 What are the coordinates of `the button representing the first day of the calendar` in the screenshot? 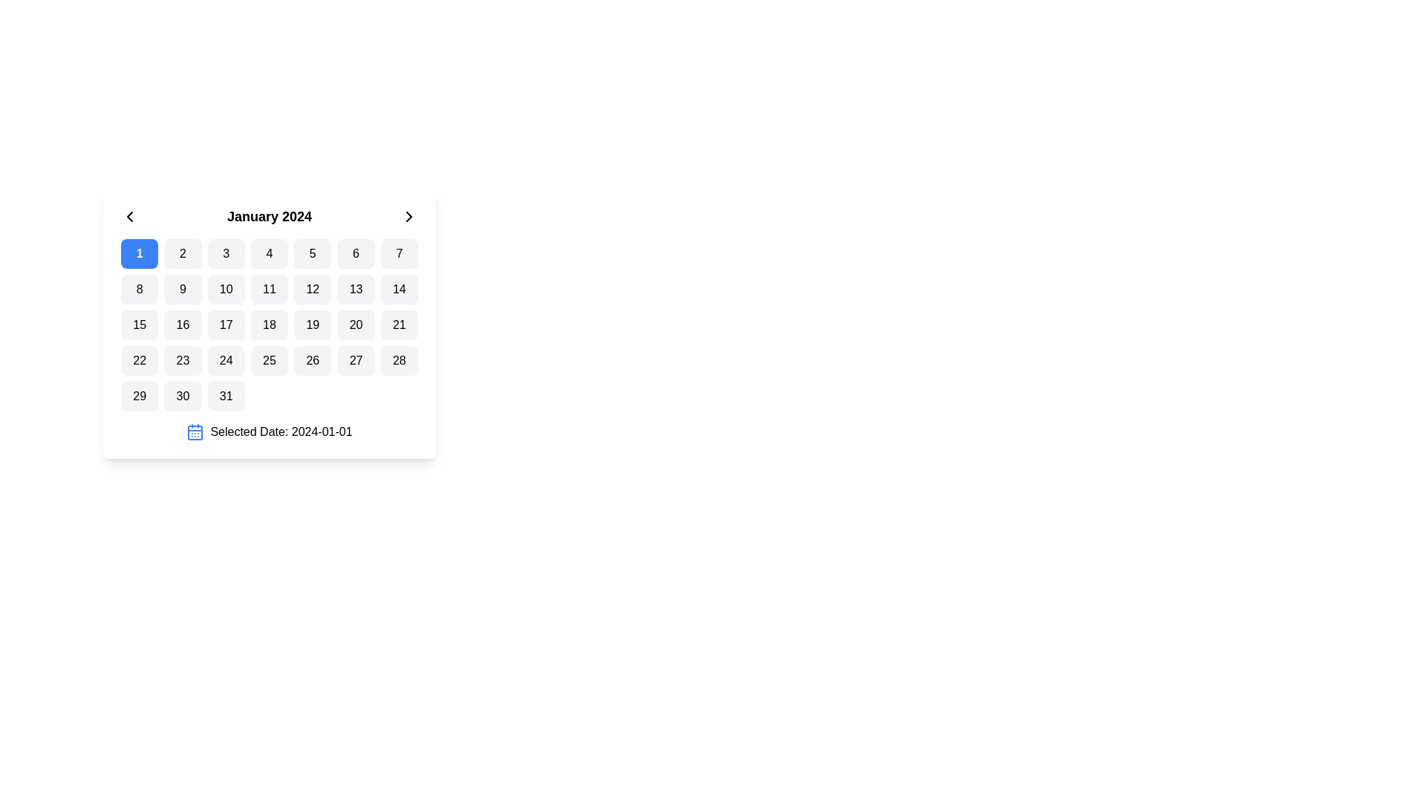 It's located at (140, 253).